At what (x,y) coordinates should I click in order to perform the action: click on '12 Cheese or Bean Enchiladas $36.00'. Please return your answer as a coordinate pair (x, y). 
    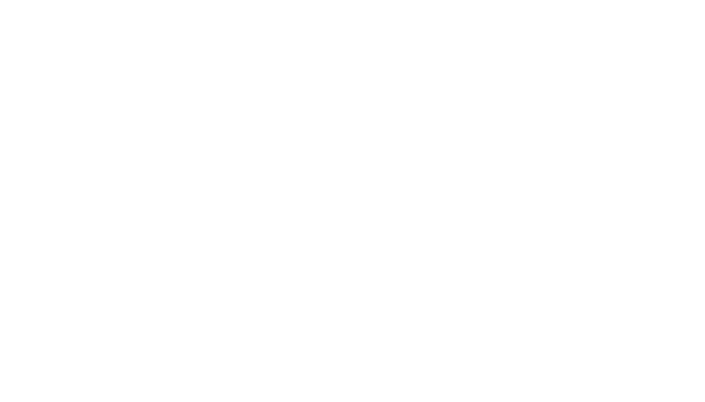
    Looking at the image, I should click on (237, 131).